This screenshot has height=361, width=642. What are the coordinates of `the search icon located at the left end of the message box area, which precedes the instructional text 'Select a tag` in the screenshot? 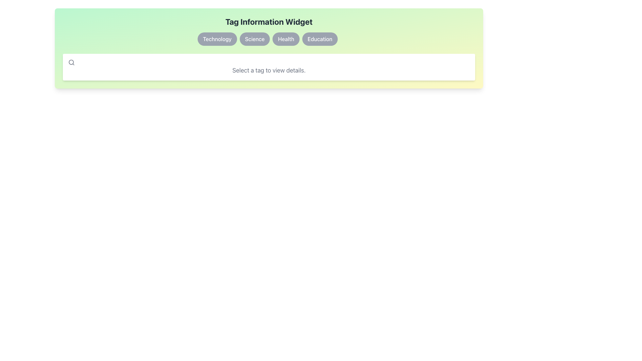 It's located at (72, 62).